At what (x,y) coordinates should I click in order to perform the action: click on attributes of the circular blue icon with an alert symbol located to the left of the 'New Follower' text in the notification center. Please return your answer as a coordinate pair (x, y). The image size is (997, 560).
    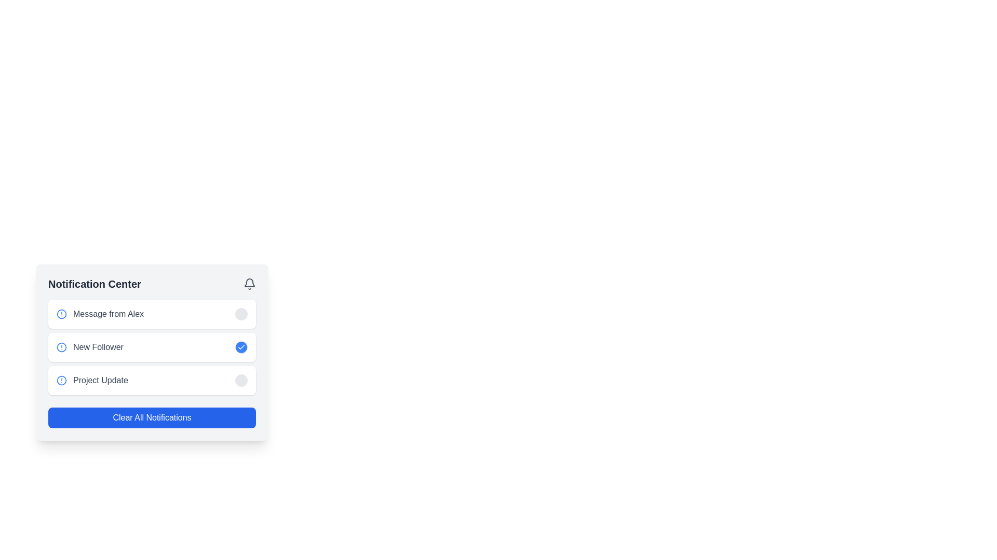
    Looking at the image, I should click on (61, 347).